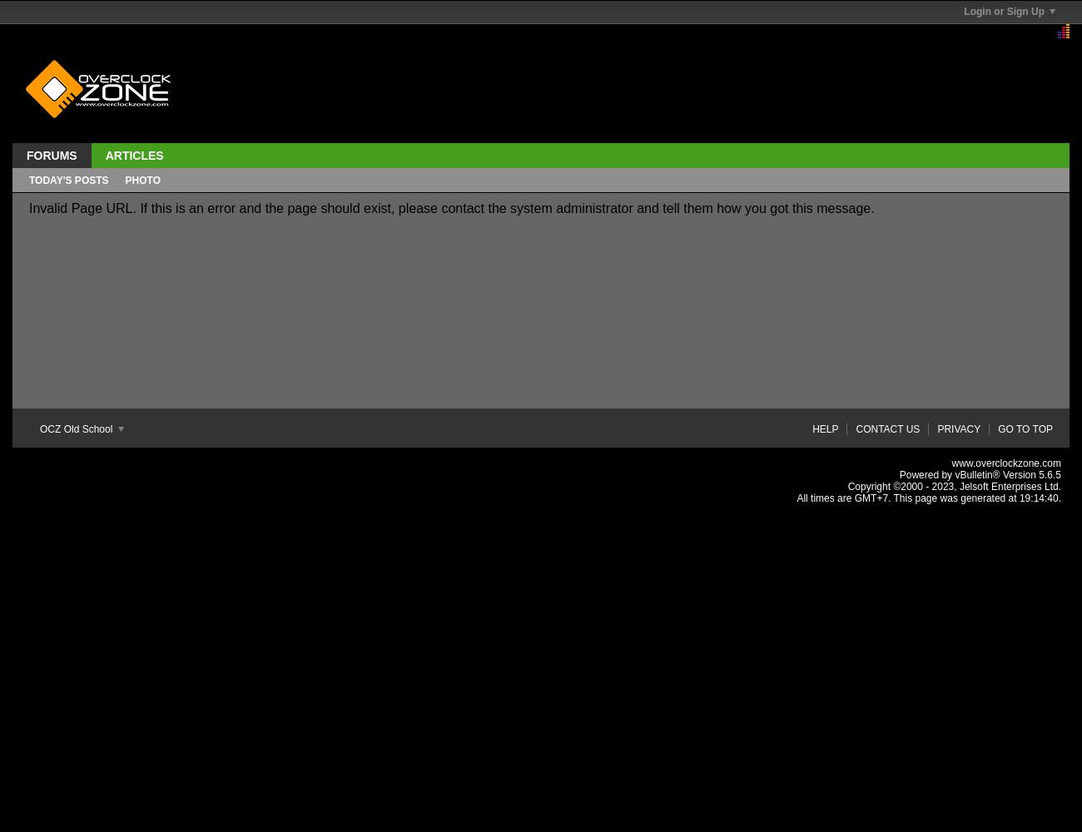 The image size is (1082, 832). I want to click on 'Forums', so click(25, 156).